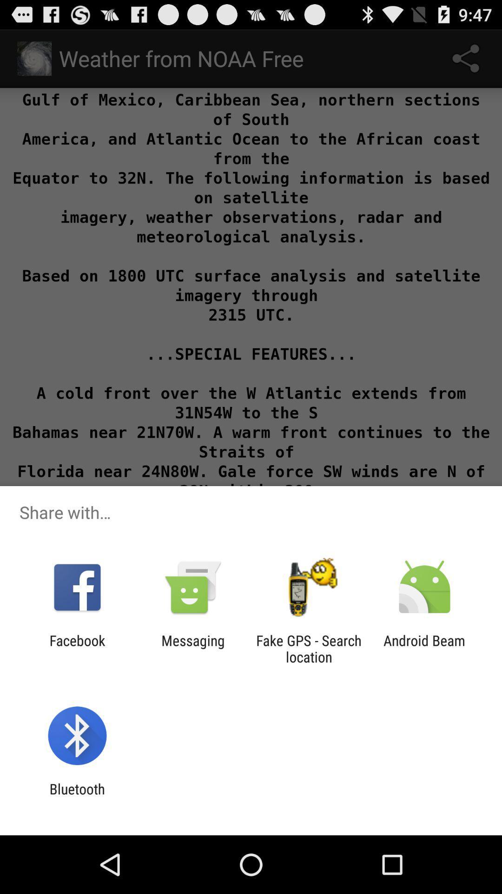 The image size is (502, 894). I want to click on facebook item, so click(77, 648).